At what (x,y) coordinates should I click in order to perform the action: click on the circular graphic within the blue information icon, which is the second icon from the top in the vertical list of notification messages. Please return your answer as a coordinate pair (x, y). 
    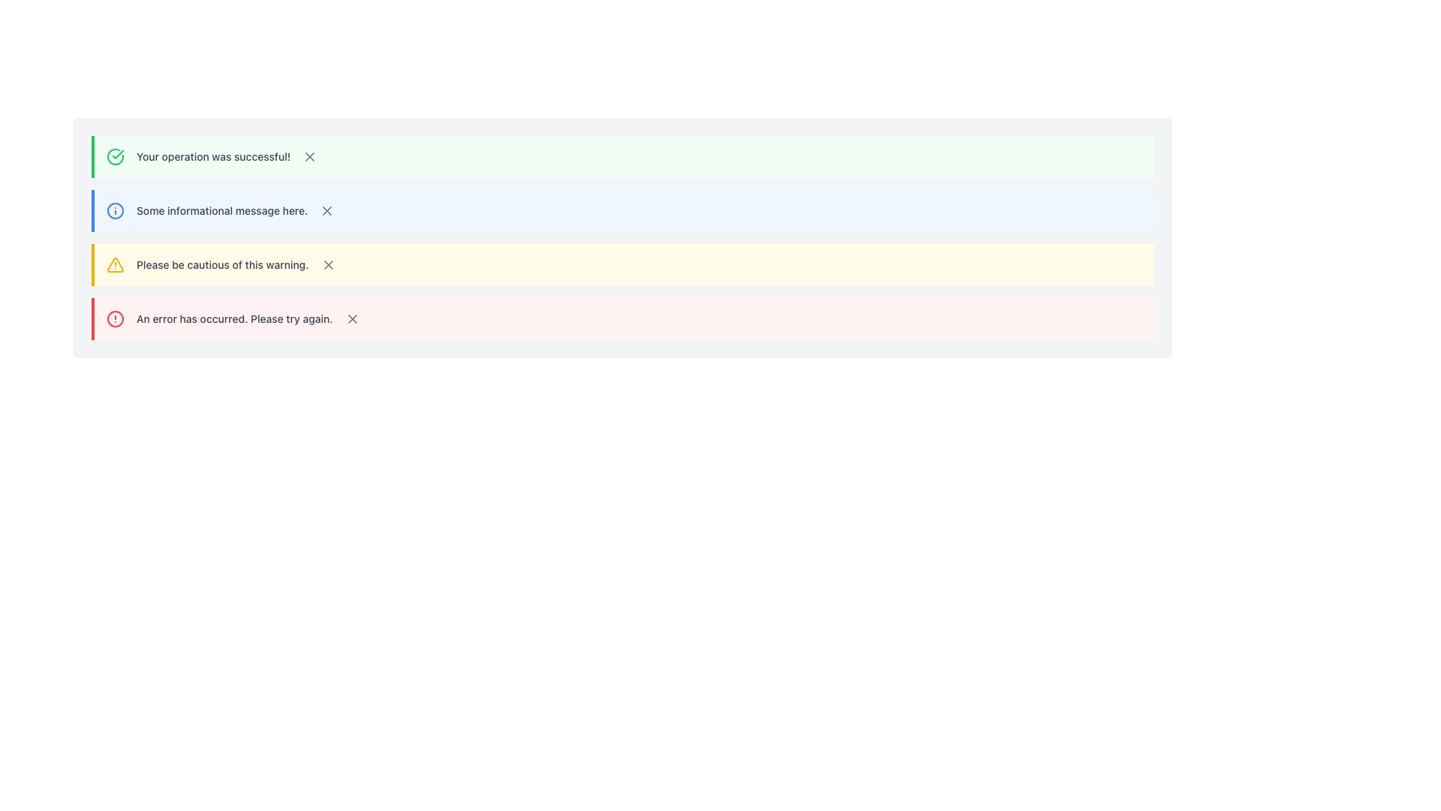
    Looking at the image, I should click on (114, 211).